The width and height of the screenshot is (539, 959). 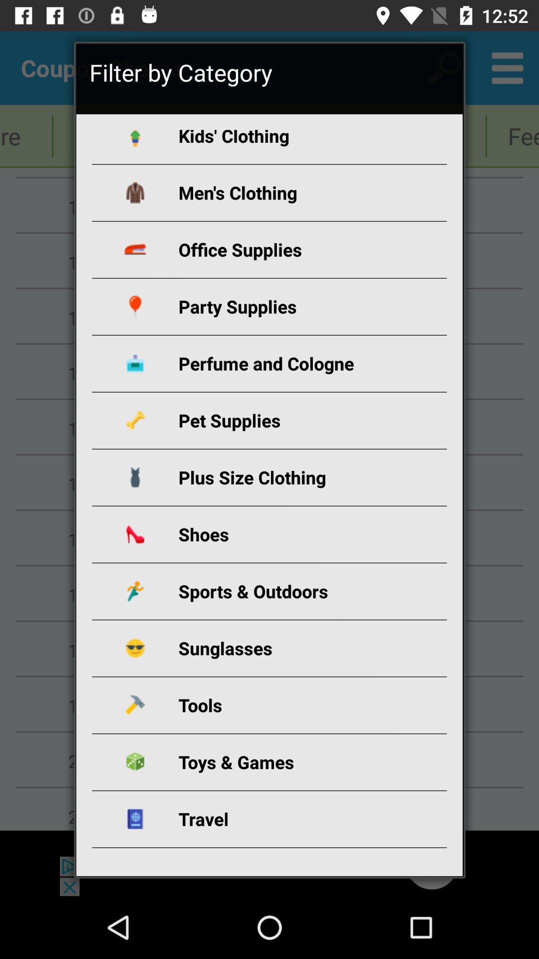 What do you see at coordinates (281, 477) in the screenshot?
I see `the item below the pet supplies item` at bounding box center [281, 477].